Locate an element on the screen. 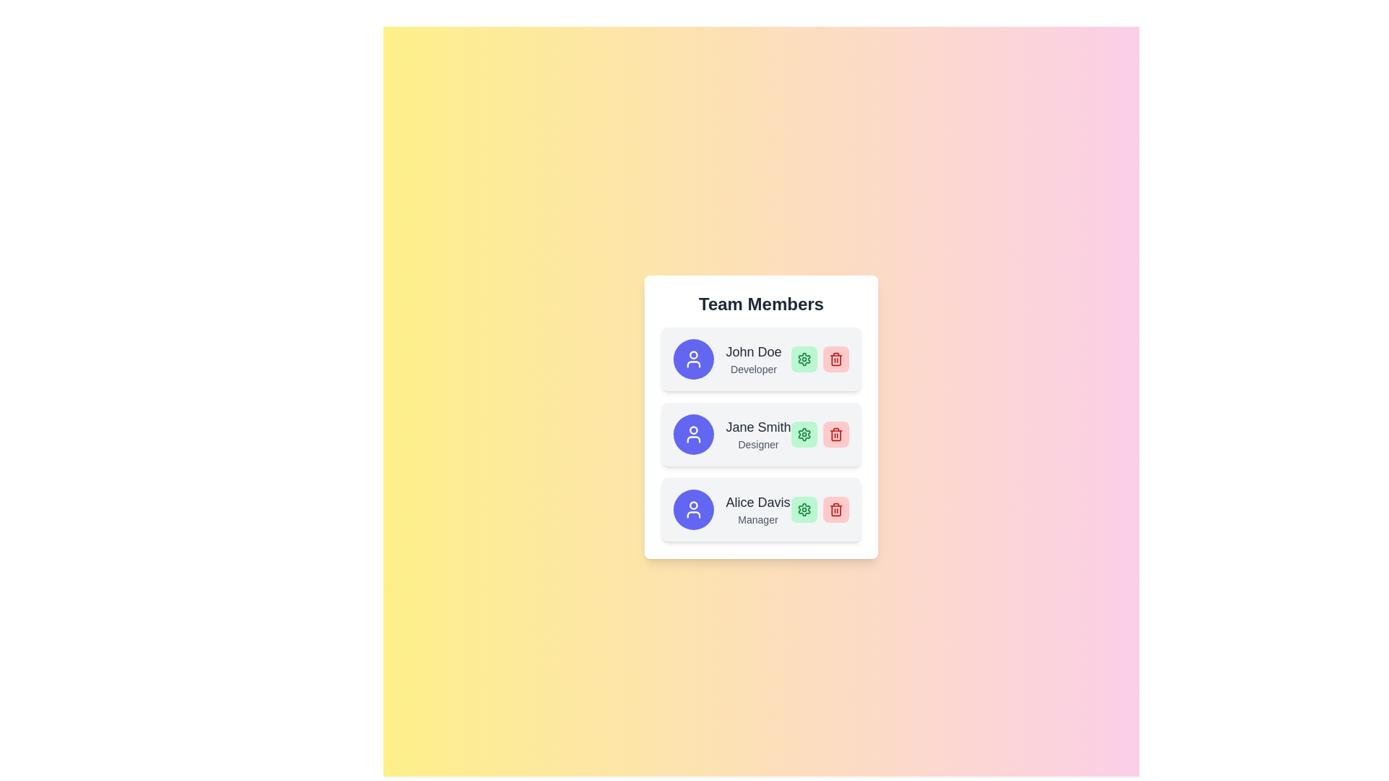 The width and height of the screenshot is (1389, 781). the static text label displaying 'Developer' in gray font, located beneath the name 'John Doe' within the first card of the 'Team Members' section is located at coordinates (752, 368).